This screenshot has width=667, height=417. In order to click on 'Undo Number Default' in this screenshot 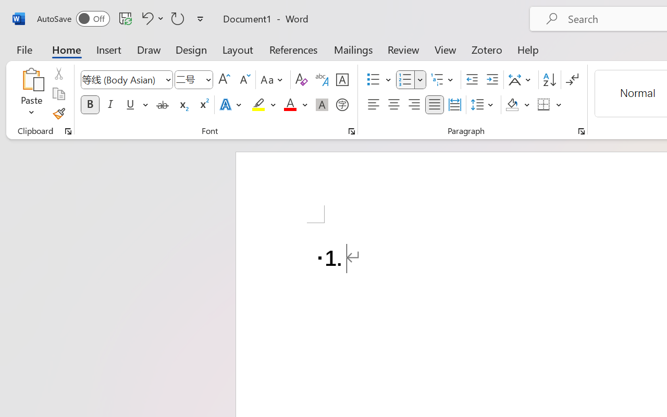, I will do `click(145, 18)`.